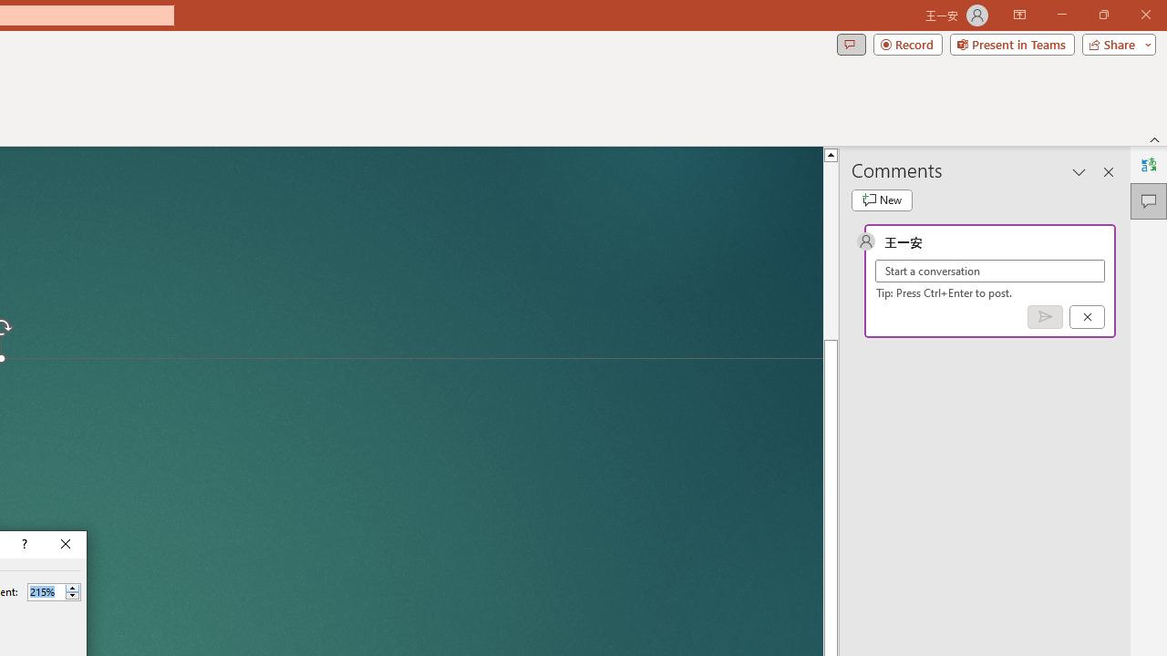 The width and height of the screenshot is (1167, 656). Describe the element at coordinates (830, 251) in the screenshot. I see `'Page up'` at that location.